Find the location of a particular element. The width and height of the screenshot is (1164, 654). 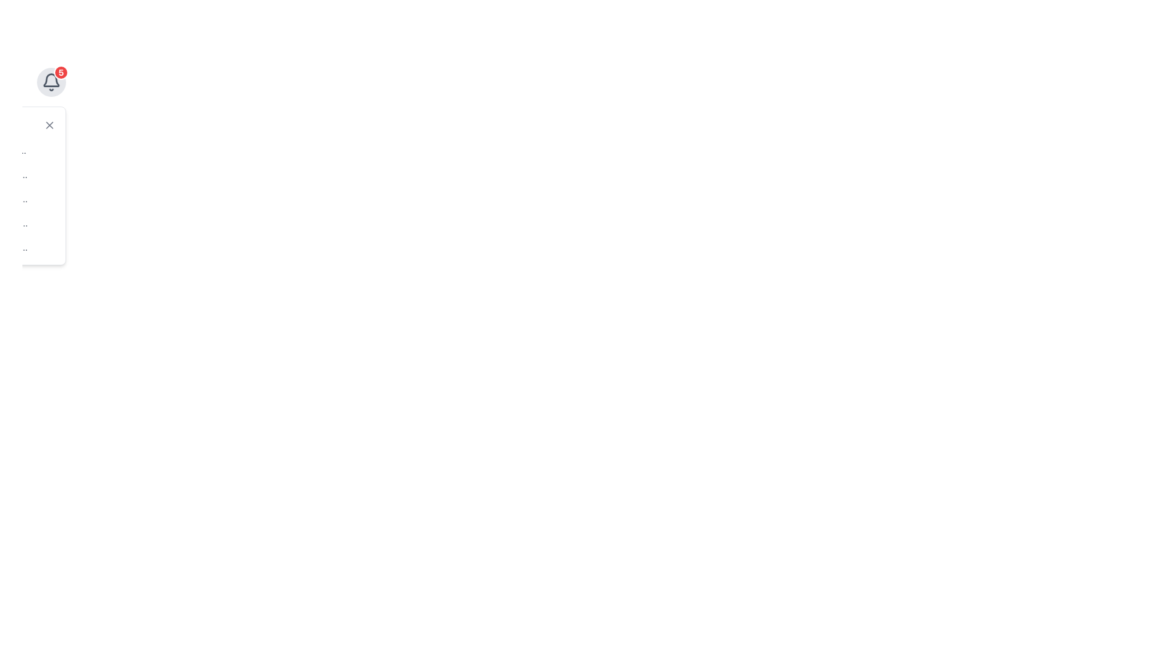

the Icon button located to the far right of the 'Notifications' header bar is located at coordinates (48, 125).